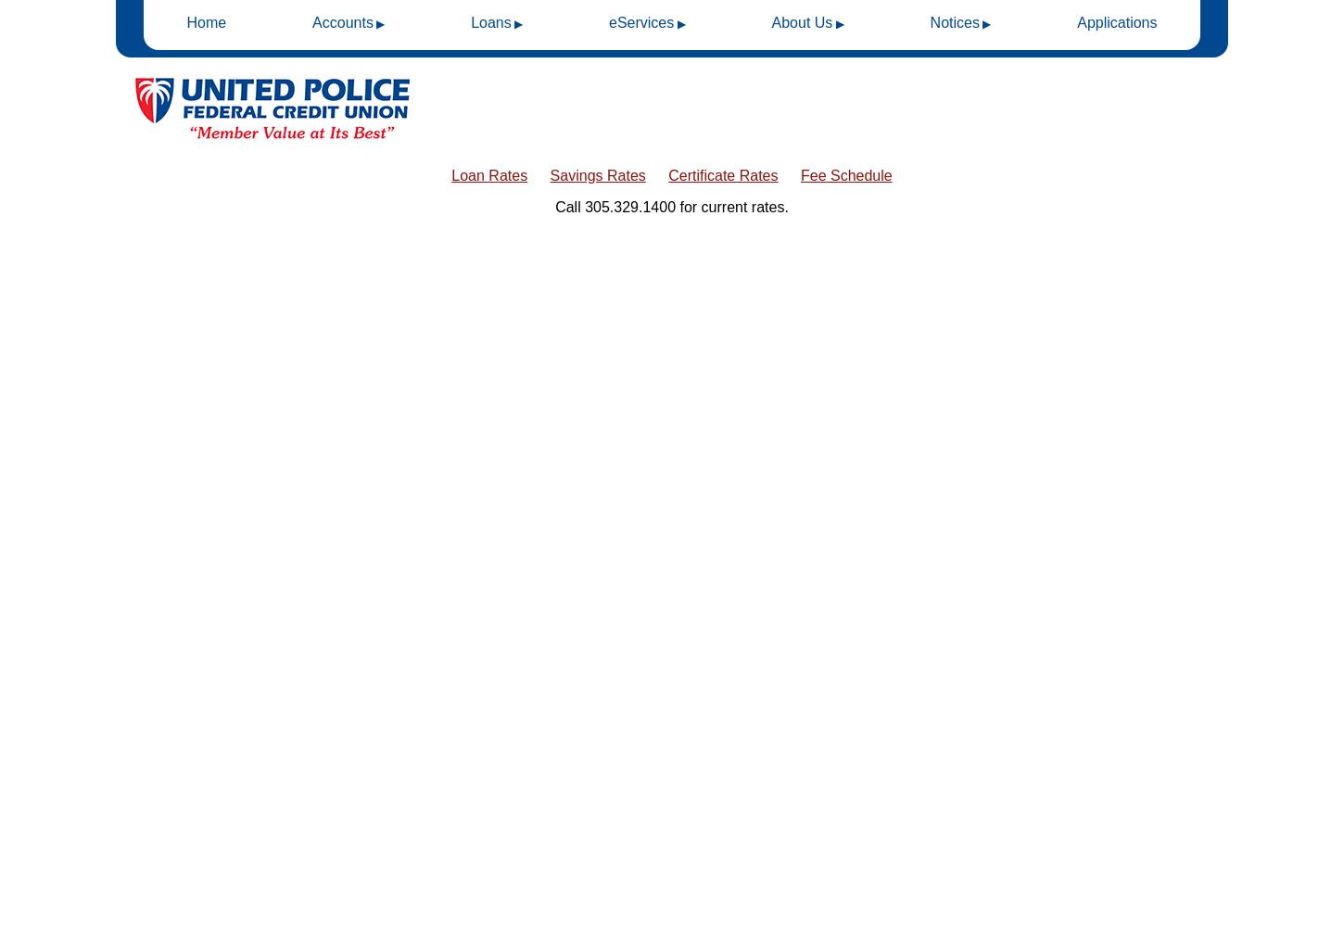  Describe the element at coordinates (596, 174) in the screenshot. I see `'Savings Rates'` at that location.